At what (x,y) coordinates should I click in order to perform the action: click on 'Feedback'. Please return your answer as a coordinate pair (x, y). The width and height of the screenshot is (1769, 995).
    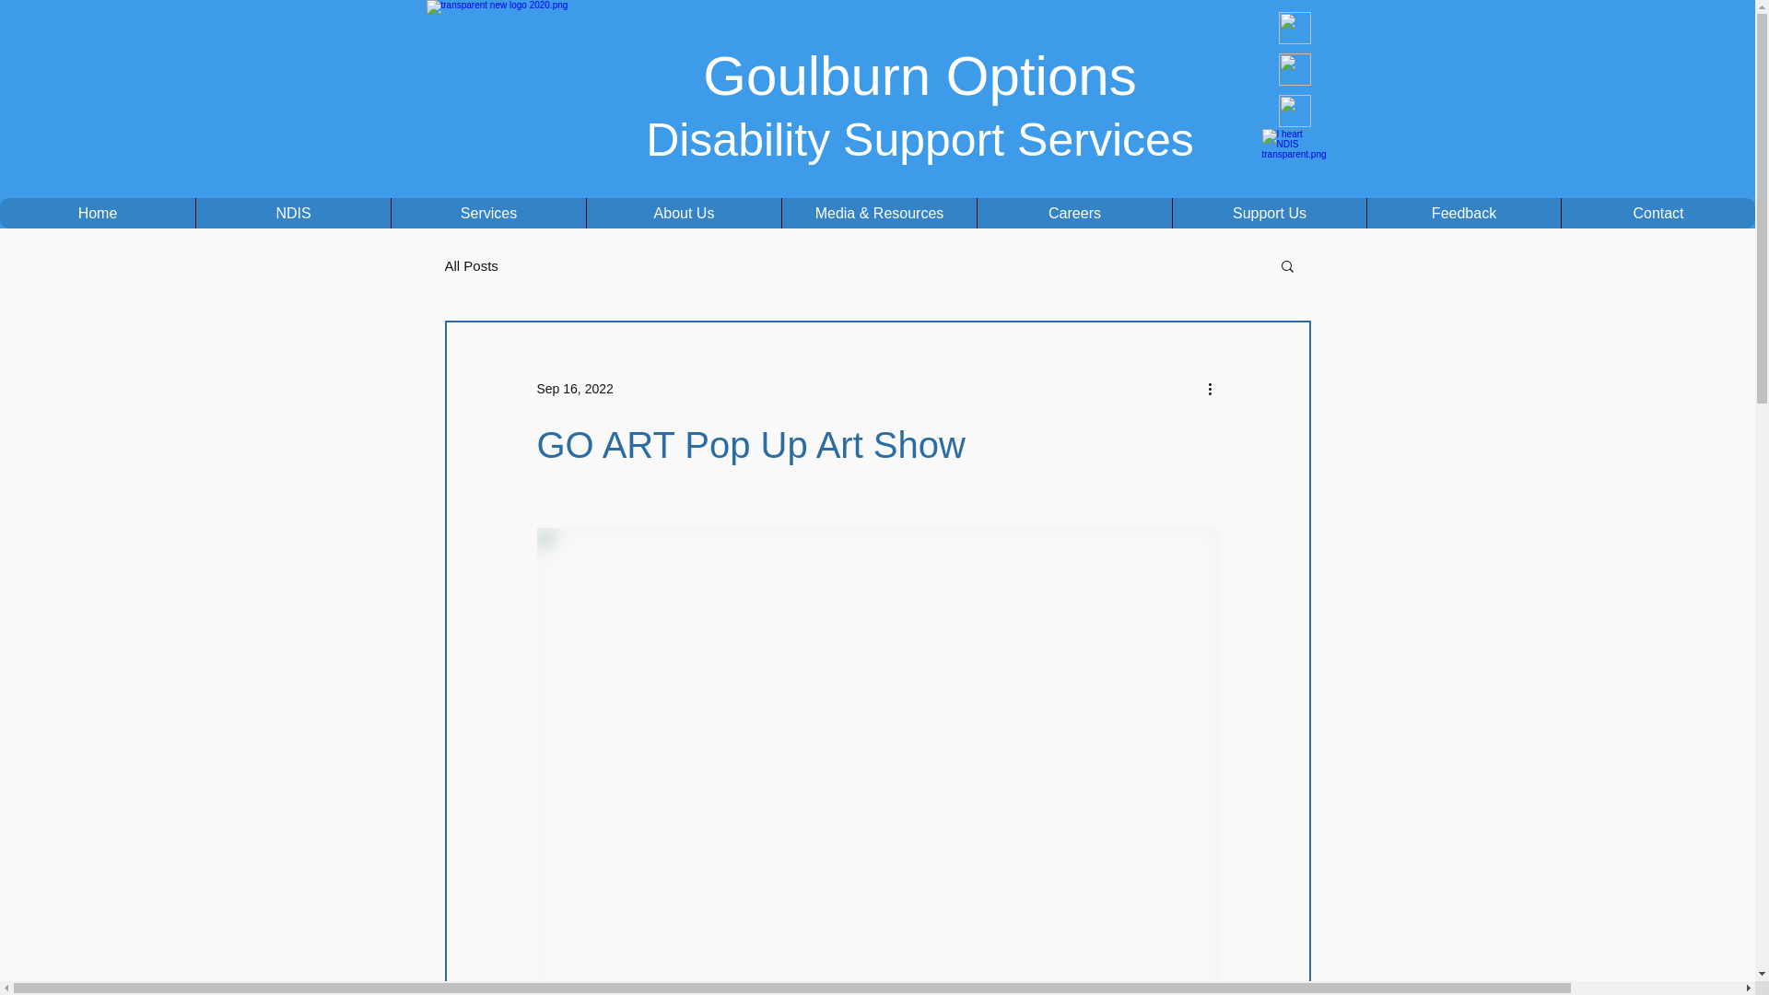
    Looking at the image, I should click on (1462, 212).